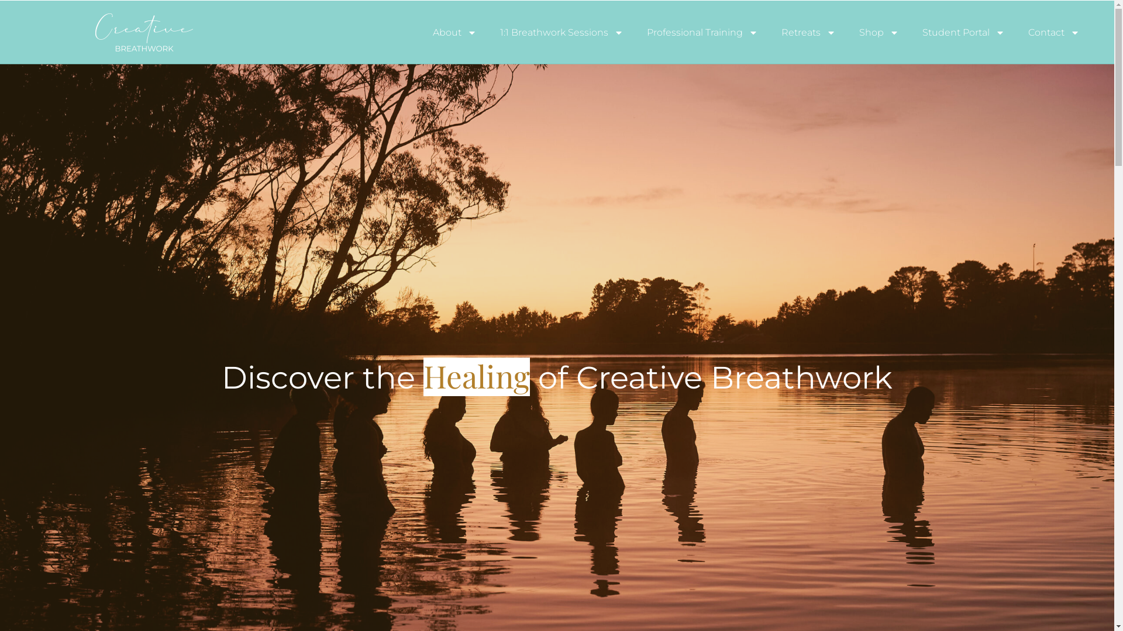 This screenshot has width=1123, height=631. Describe the element at coordinates (454, 31) in the screenshot. I see `'About'` at that location.